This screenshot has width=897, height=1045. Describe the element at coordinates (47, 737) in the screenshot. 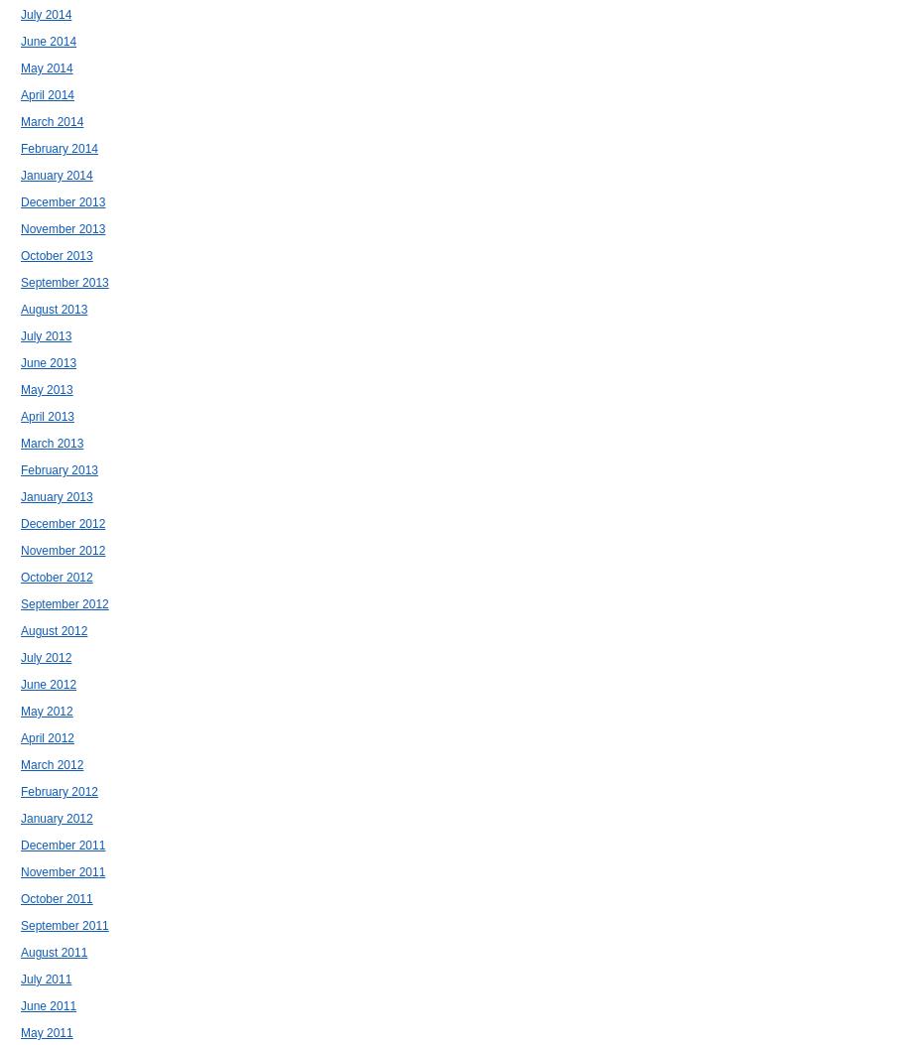

I see `'April 2012'` at that location.